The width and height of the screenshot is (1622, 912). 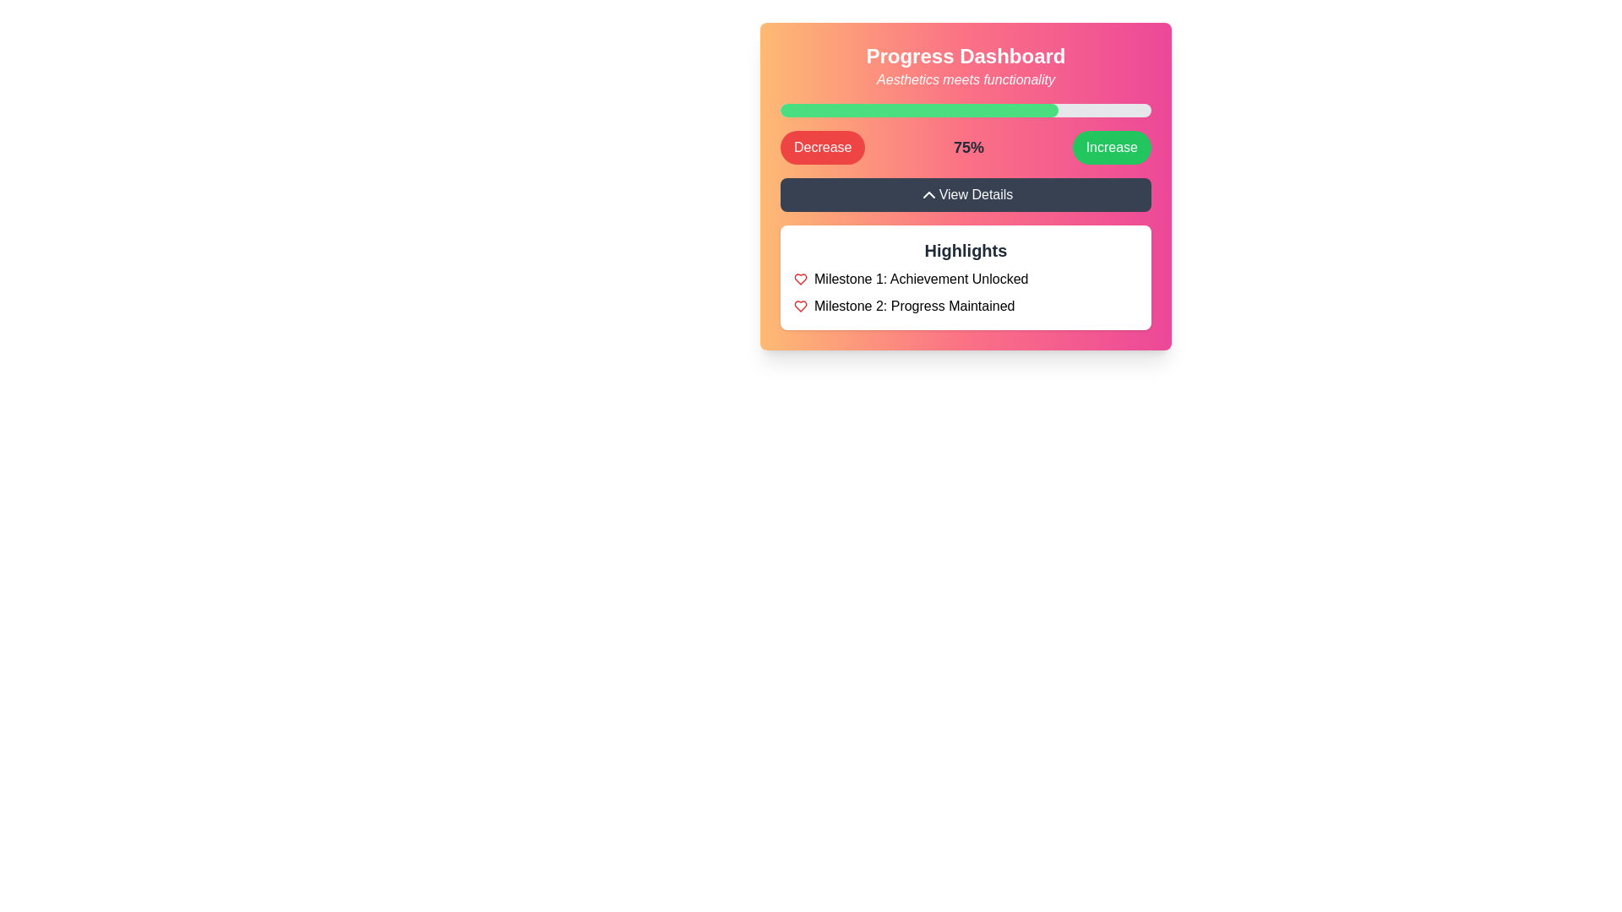 I want to click on the 'Decrease' button which is positioned to the left of the '75%' percentage display and to the right of the 'Increase' button, so click(x=823, y=146).